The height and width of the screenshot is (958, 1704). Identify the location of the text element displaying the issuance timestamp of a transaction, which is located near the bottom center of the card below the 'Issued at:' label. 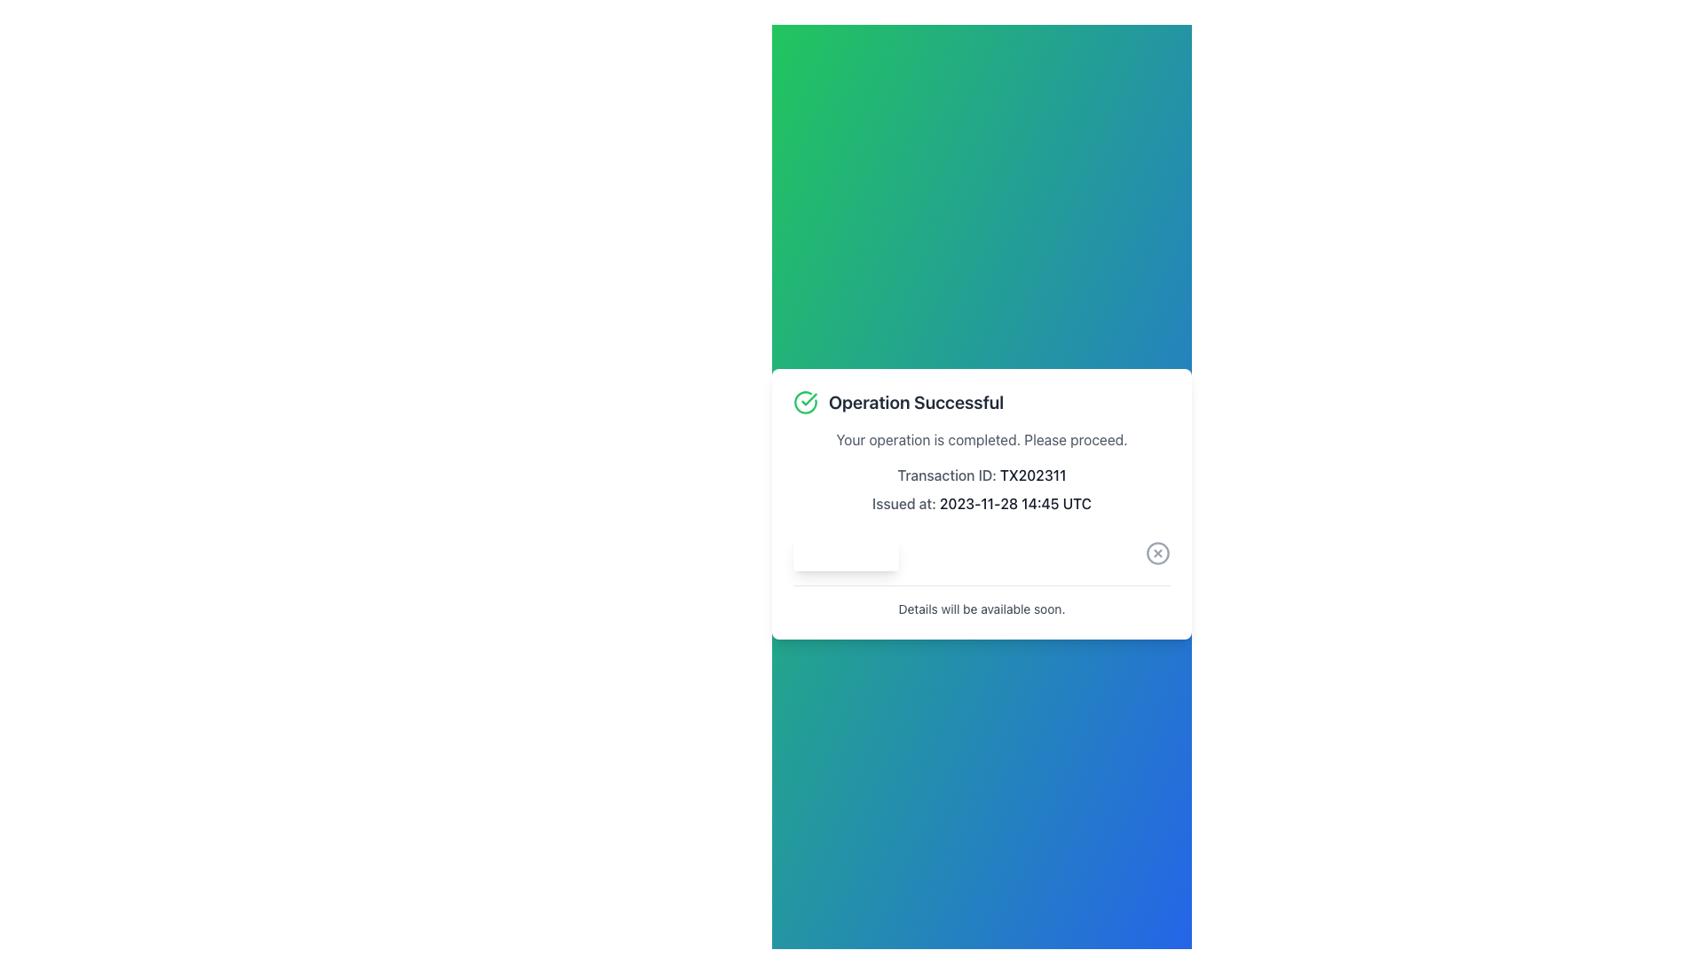
(1015, 503).